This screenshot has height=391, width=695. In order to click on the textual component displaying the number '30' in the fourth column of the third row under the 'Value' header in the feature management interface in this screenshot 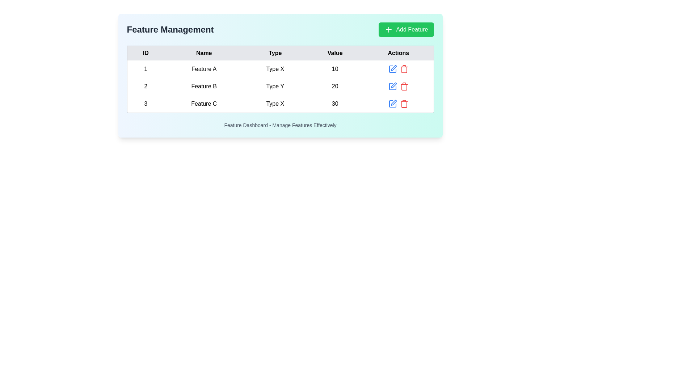, I will do `click(334, 104)`.